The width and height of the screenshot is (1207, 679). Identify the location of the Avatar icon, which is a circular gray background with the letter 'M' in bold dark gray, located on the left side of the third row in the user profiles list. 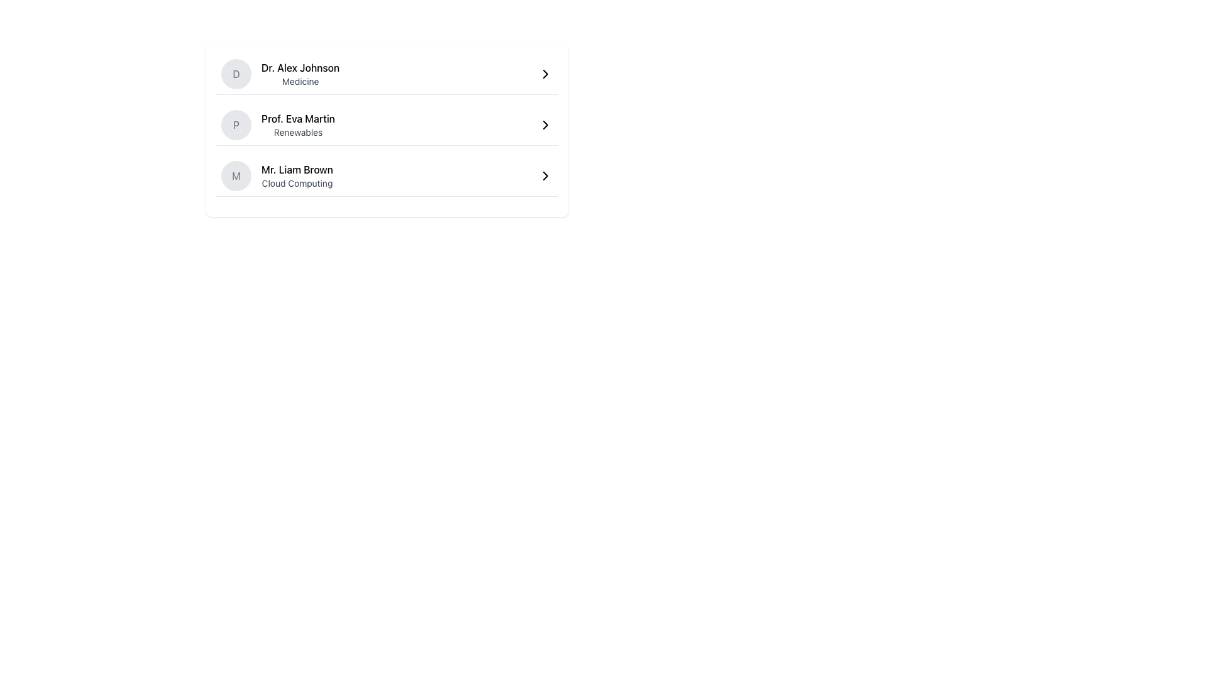
(236, 176).